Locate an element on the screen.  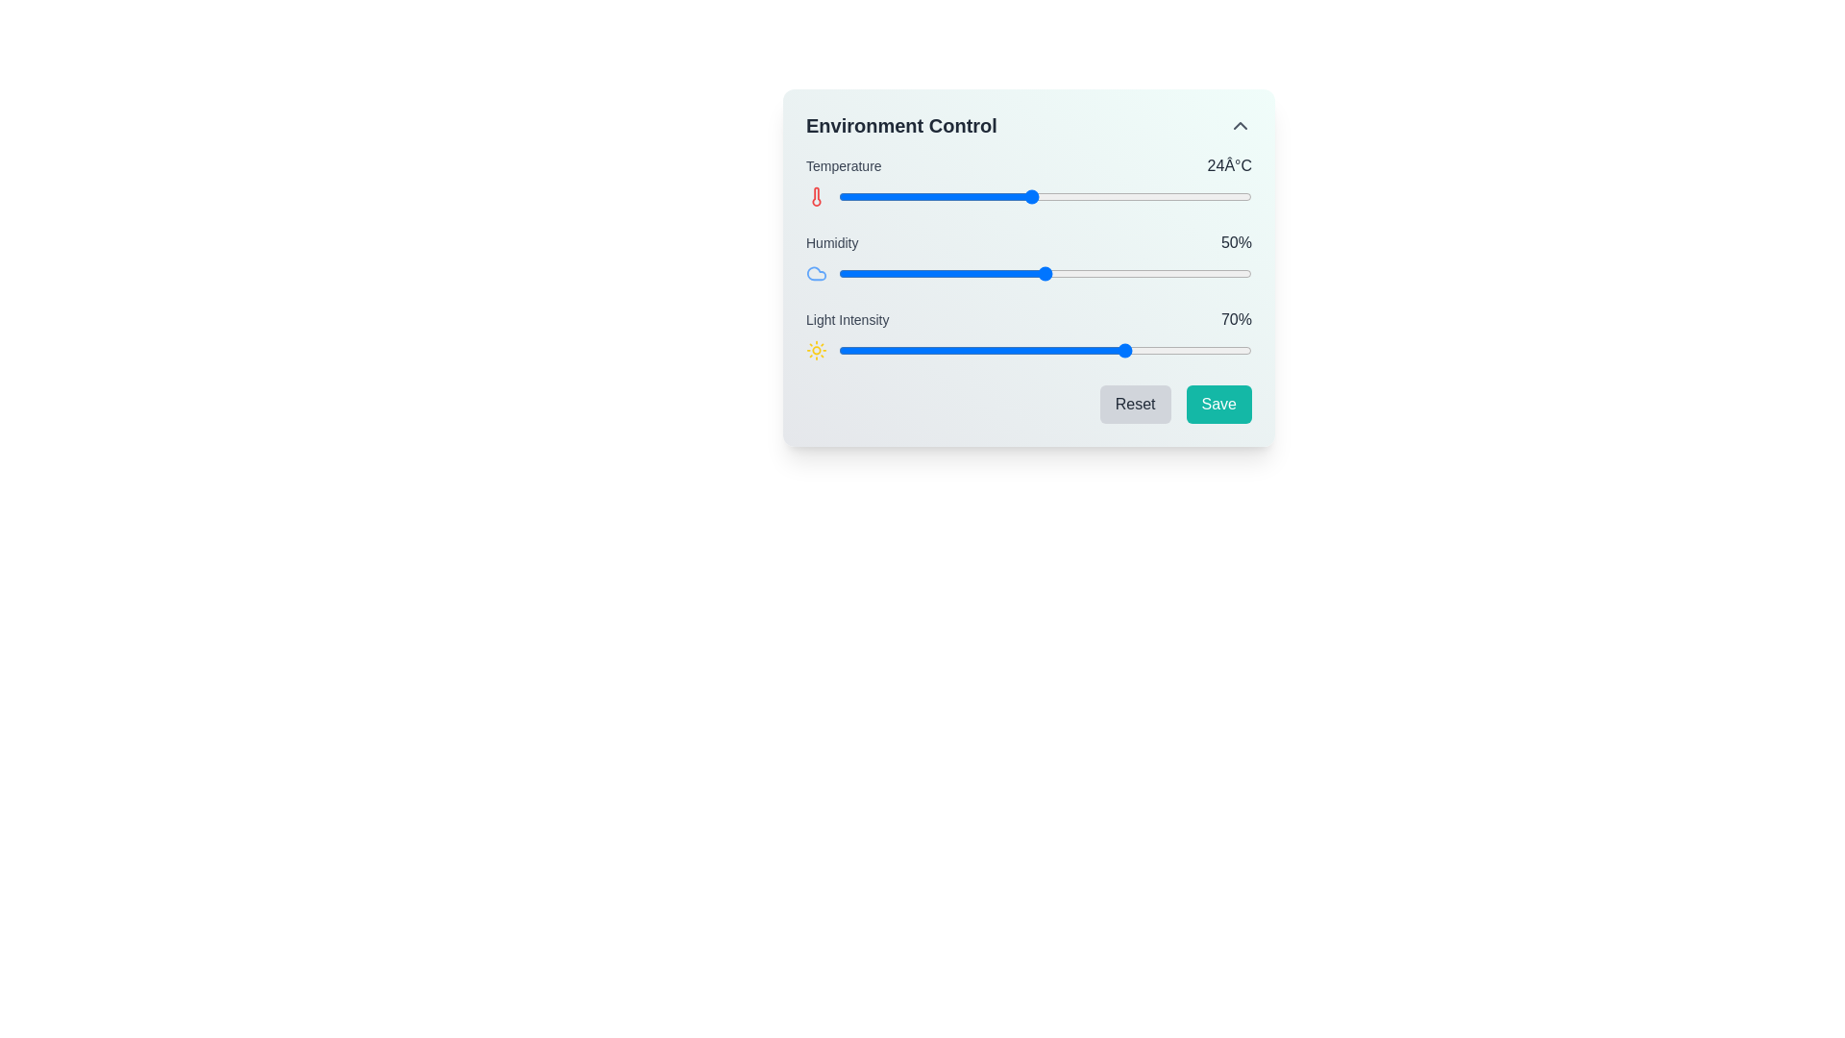
the light intensity slider, the third adjustable component below the 'Light Intensity' label and '70%' text is located at coordinates (1027, 351).